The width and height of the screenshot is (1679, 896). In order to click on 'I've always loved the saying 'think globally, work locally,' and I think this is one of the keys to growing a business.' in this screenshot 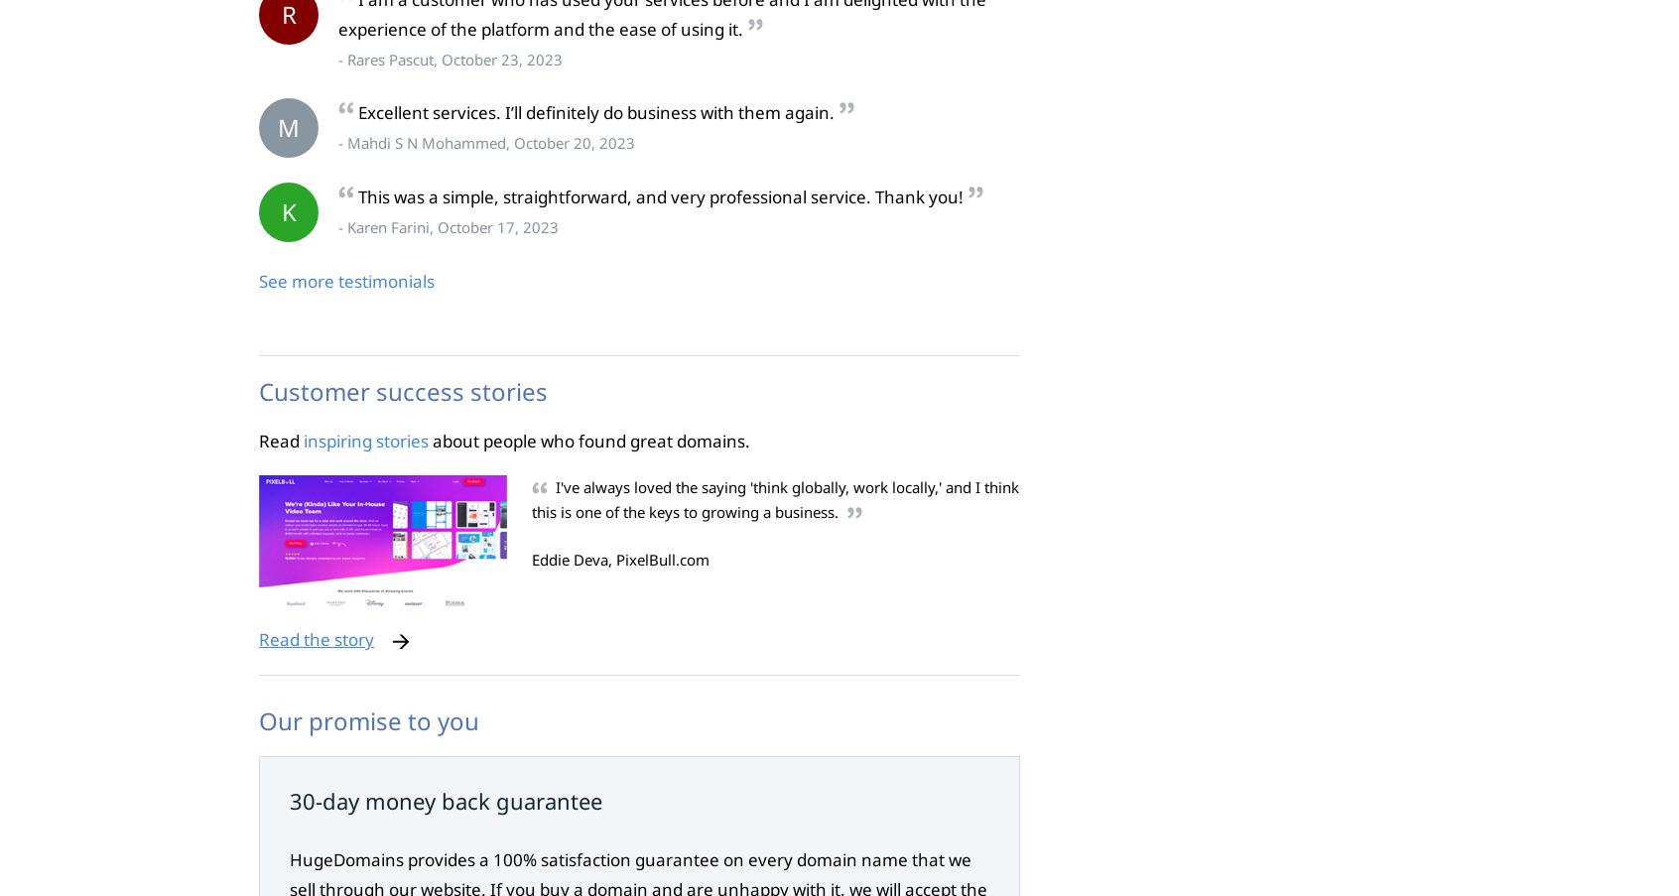, I will do `click(775, 499)`.